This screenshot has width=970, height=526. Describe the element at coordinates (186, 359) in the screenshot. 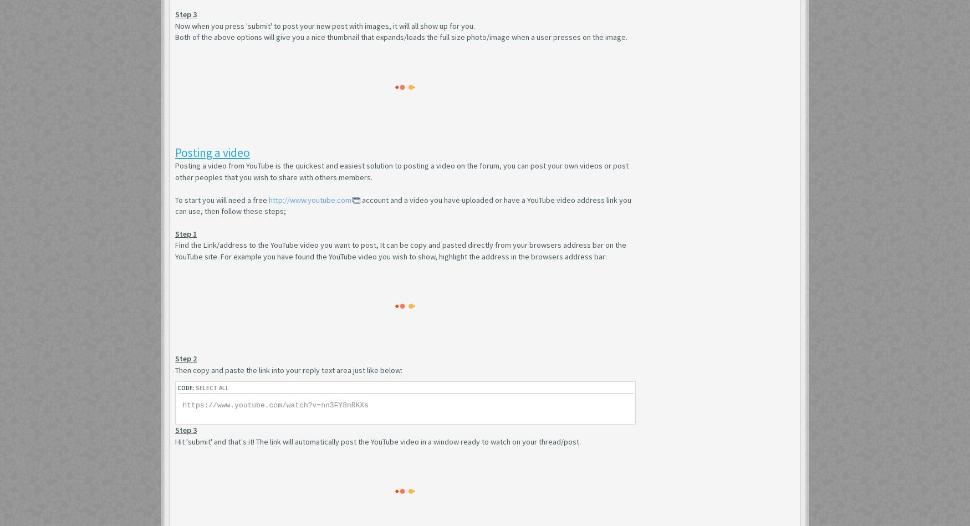

I see `'Step 2'` at that location.